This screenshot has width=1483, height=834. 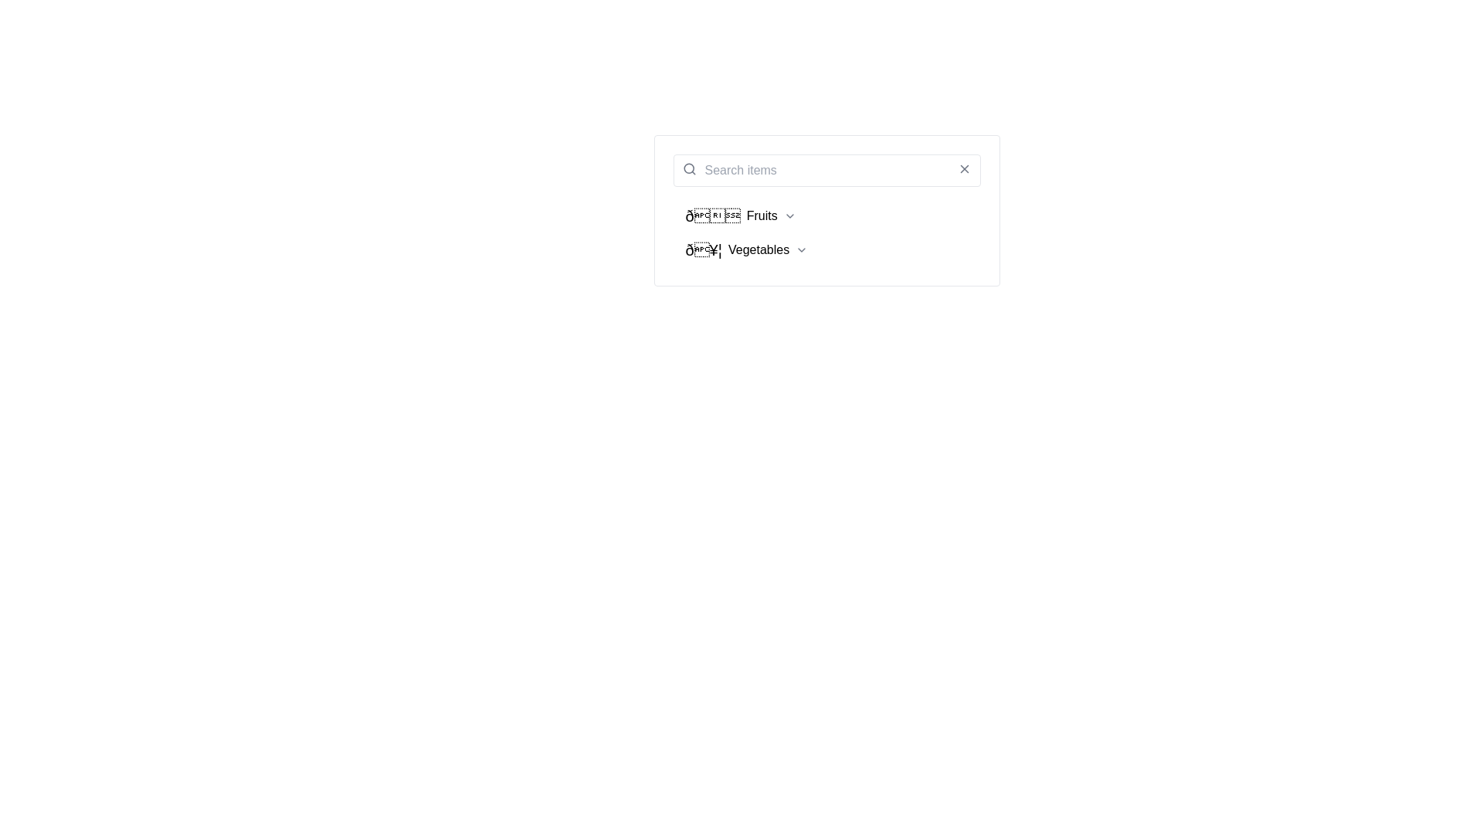 I want to click on the dropdown menu item labeled 'Vegetables' with the emoji 🥦, so click(x=826, y=249).